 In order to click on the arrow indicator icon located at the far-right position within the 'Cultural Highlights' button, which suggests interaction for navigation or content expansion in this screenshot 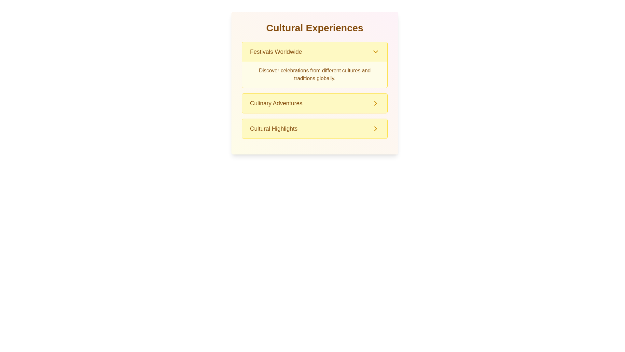, I will do `click(375, 128)`.